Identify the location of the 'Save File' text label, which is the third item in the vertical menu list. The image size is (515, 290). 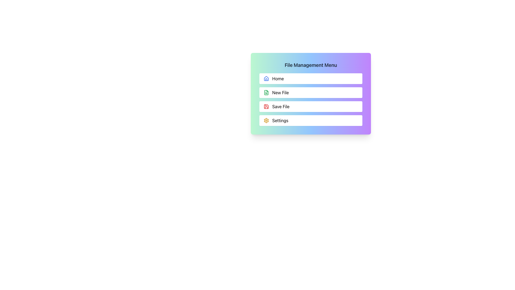
(281, 107).